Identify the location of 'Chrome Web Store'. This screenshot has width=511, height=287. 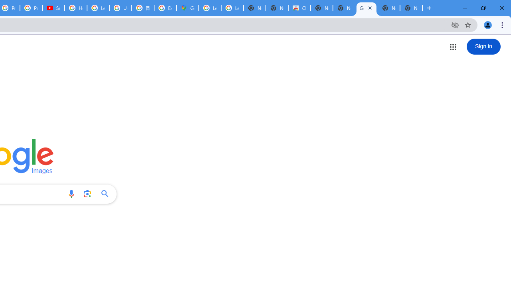
(299, 8).